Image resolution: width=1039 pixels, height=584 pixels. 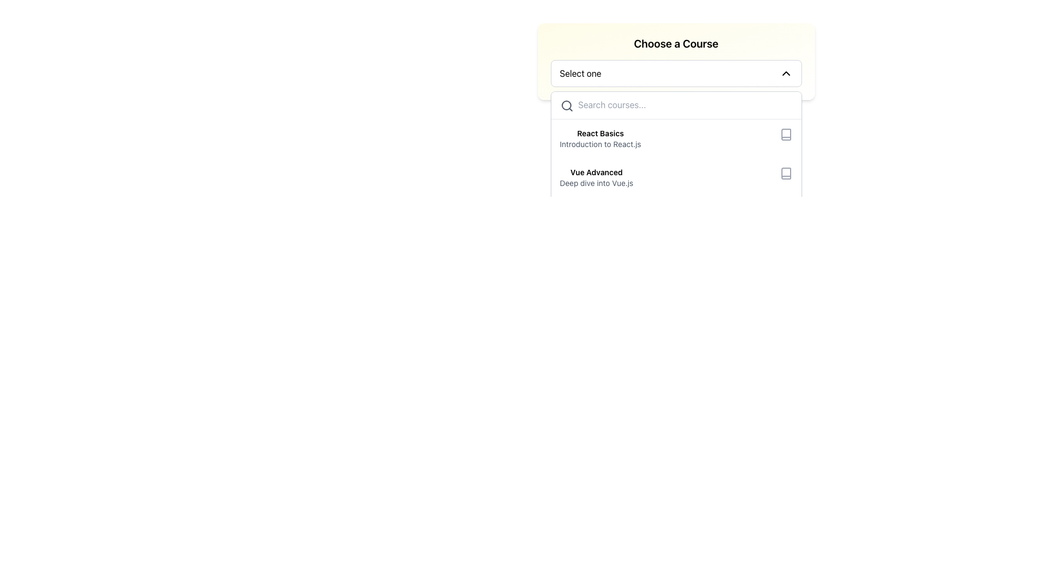 I want to click on the chevron down icon, which is a black-stroked downward arrow located on the far right of the dropdown labeled 'Select one', so click(x=786, y=73).